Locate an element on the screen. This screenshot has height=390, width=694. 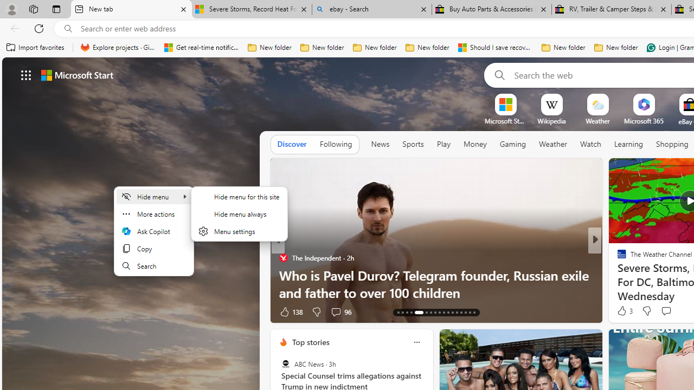
'Menu settings' is located at coordinates (239, 230).